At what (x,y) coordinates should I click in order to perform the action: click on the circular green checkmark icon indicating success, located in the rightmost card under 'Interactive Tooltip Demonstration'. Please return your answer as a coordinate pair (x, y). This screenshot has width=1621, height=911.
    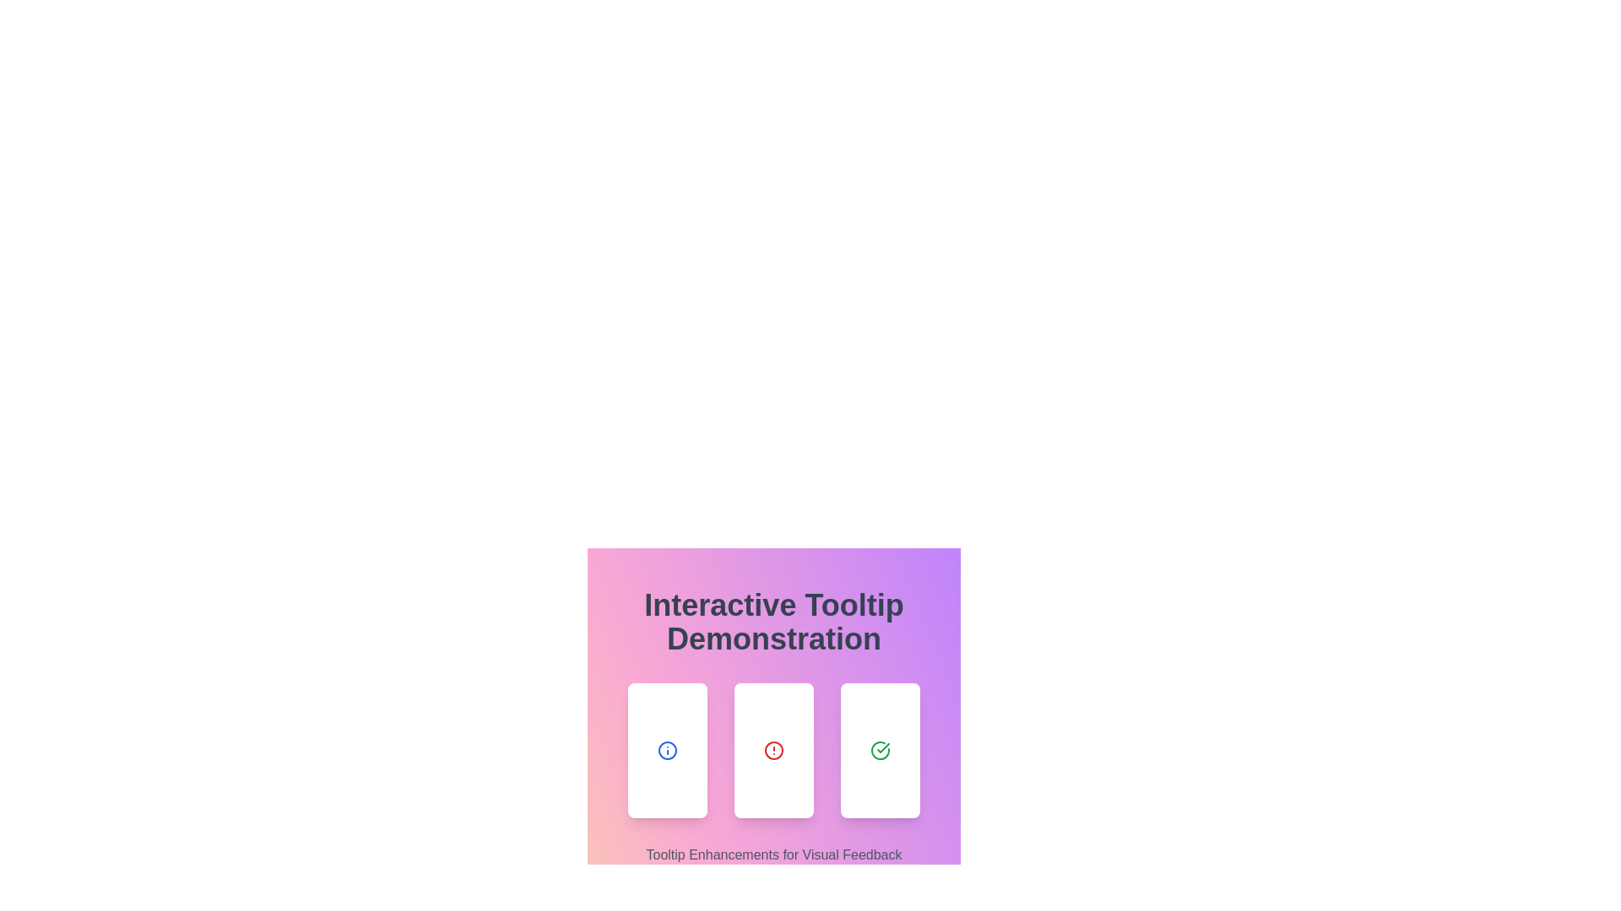
    Looking at the image, I should click on (879, 750).